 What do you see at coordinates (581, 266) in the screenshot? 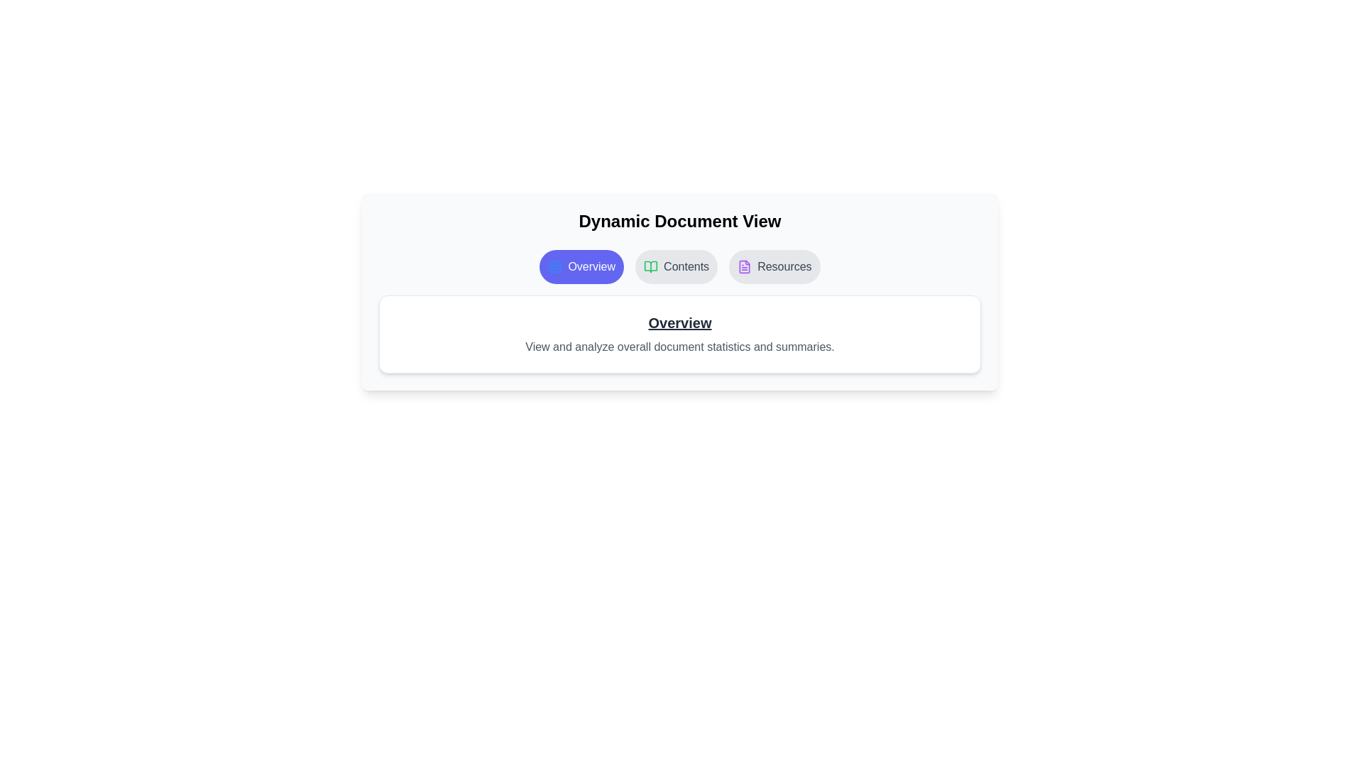
I see `the 'Overview' button to trigger its hover effect` at bounding box center [581, 266].